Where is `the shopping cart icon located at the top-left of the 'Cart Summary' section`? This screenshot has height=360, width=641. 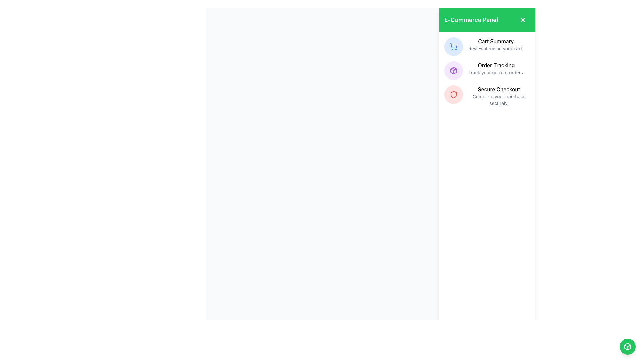 the shopping cart icon located at the top-left of the 'Cart Summary' section is located at coordinates (453, 46).